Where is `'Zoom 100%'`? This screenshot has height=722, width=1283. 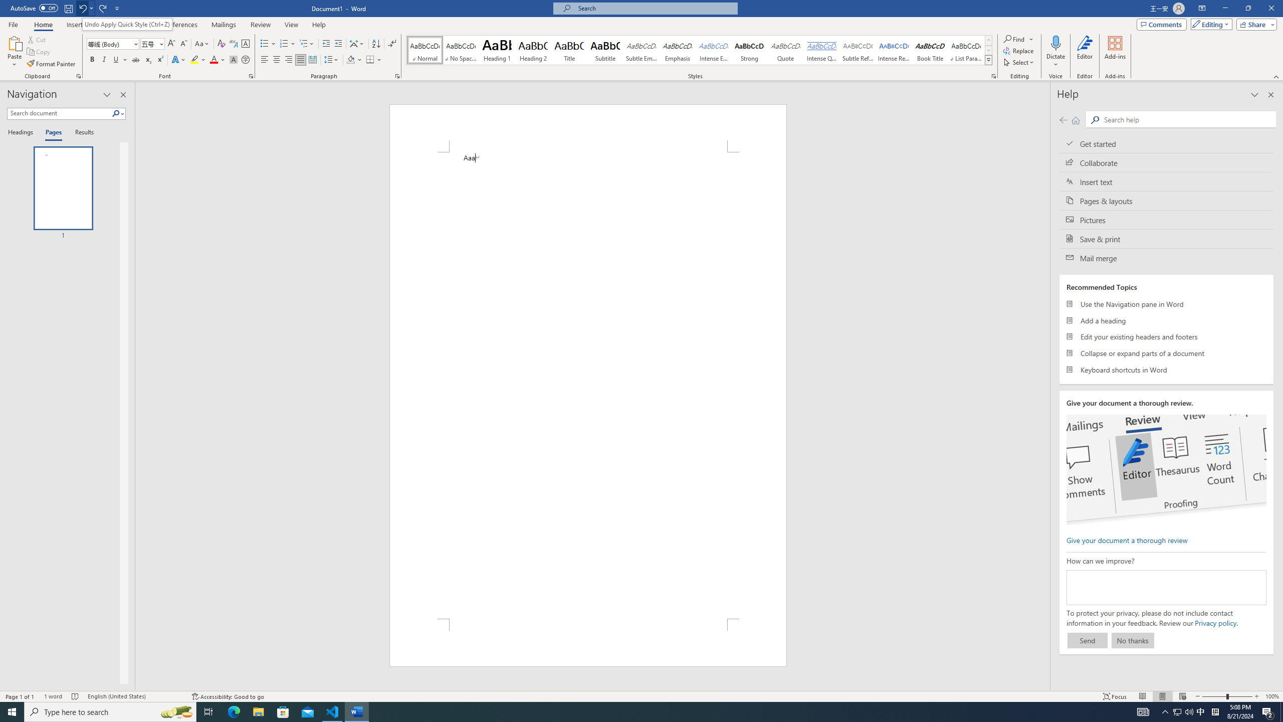
'Zoom 100%' is located at coordinates (1271, 696).